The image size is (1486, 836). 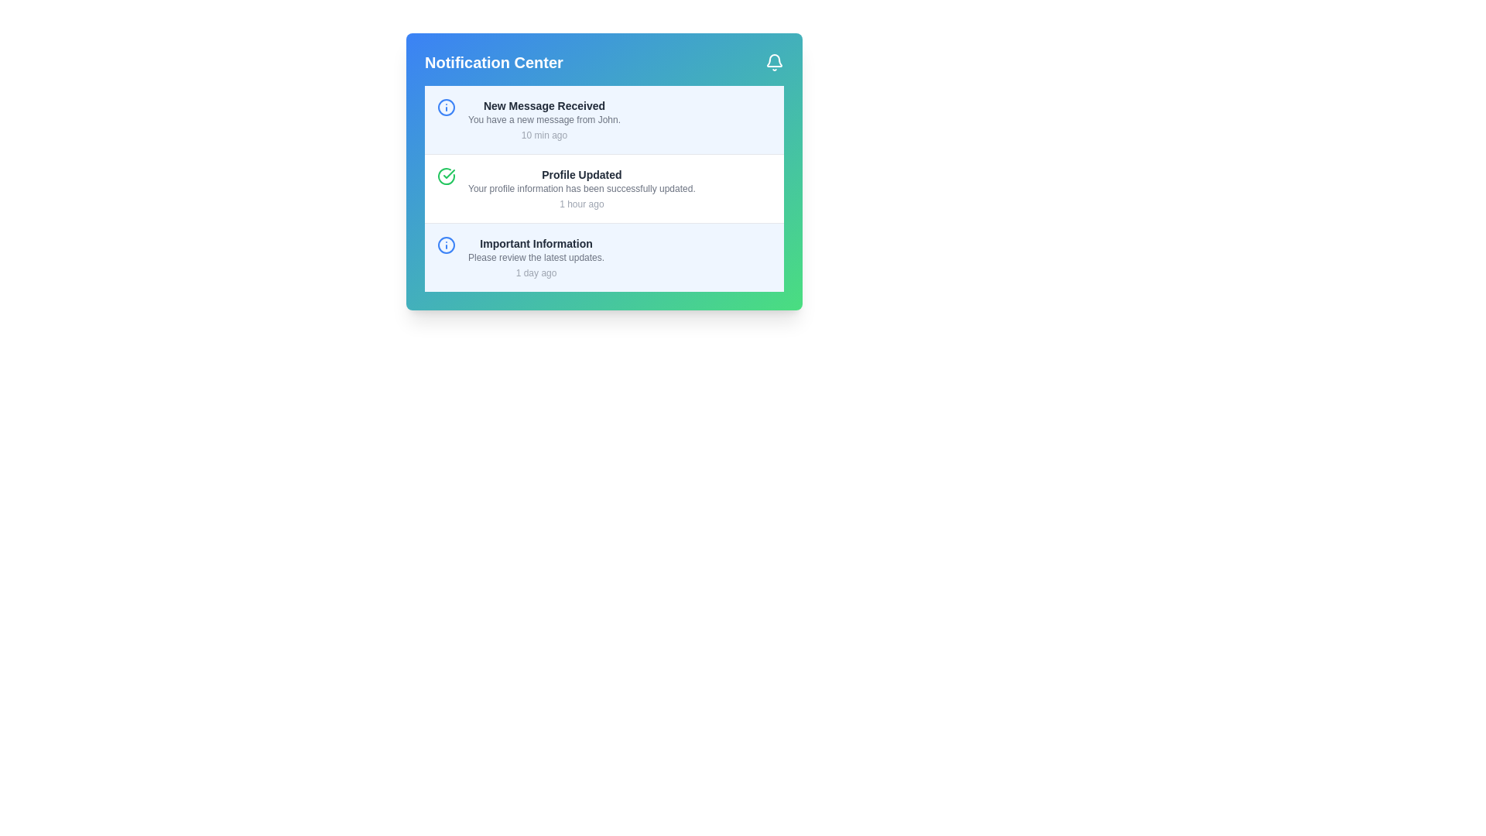 I want to click on the bell icon button located at the top-right corner of the 'Notification Center' card, so click(x=775, y=62).